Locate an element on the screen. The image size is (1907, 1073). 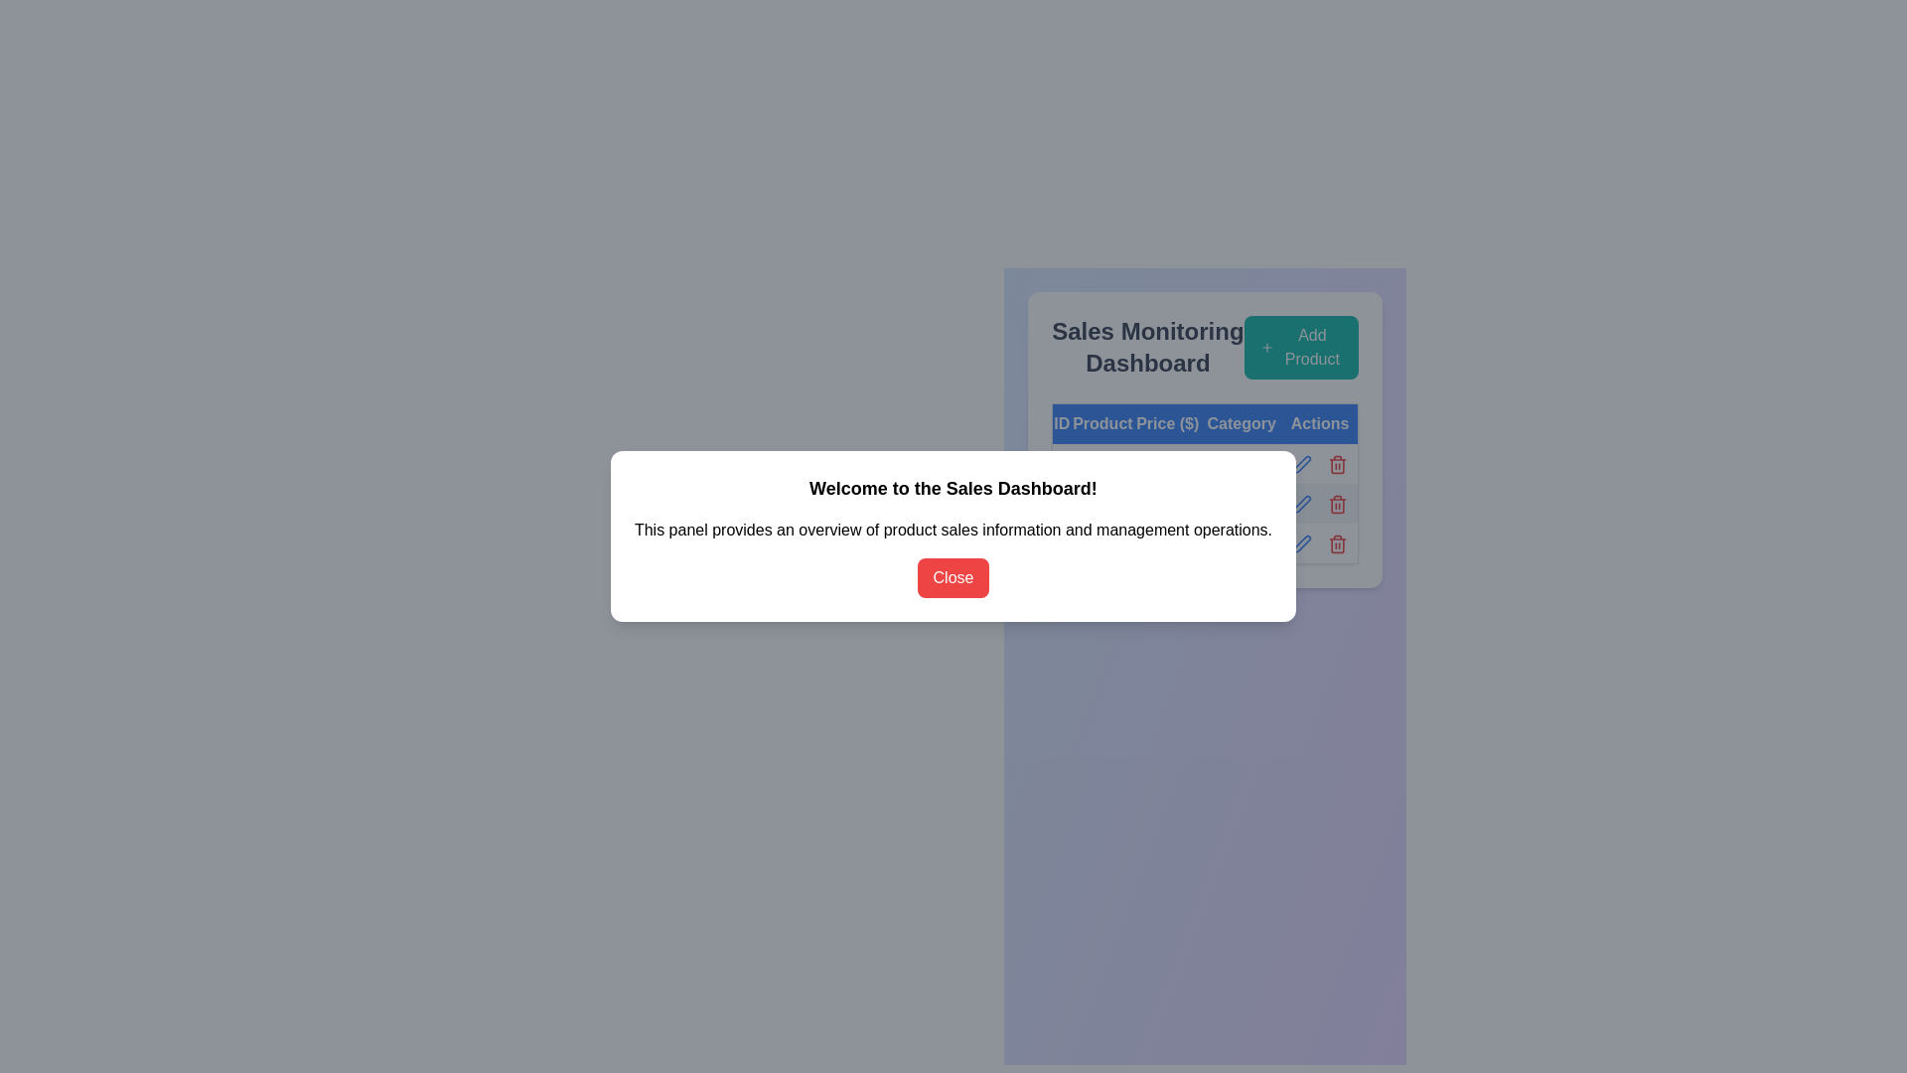
the 'Add Product' button, which has a teal green background, rounded corners, and white text with a plus sign icon is located at coordinates (1301, 347).